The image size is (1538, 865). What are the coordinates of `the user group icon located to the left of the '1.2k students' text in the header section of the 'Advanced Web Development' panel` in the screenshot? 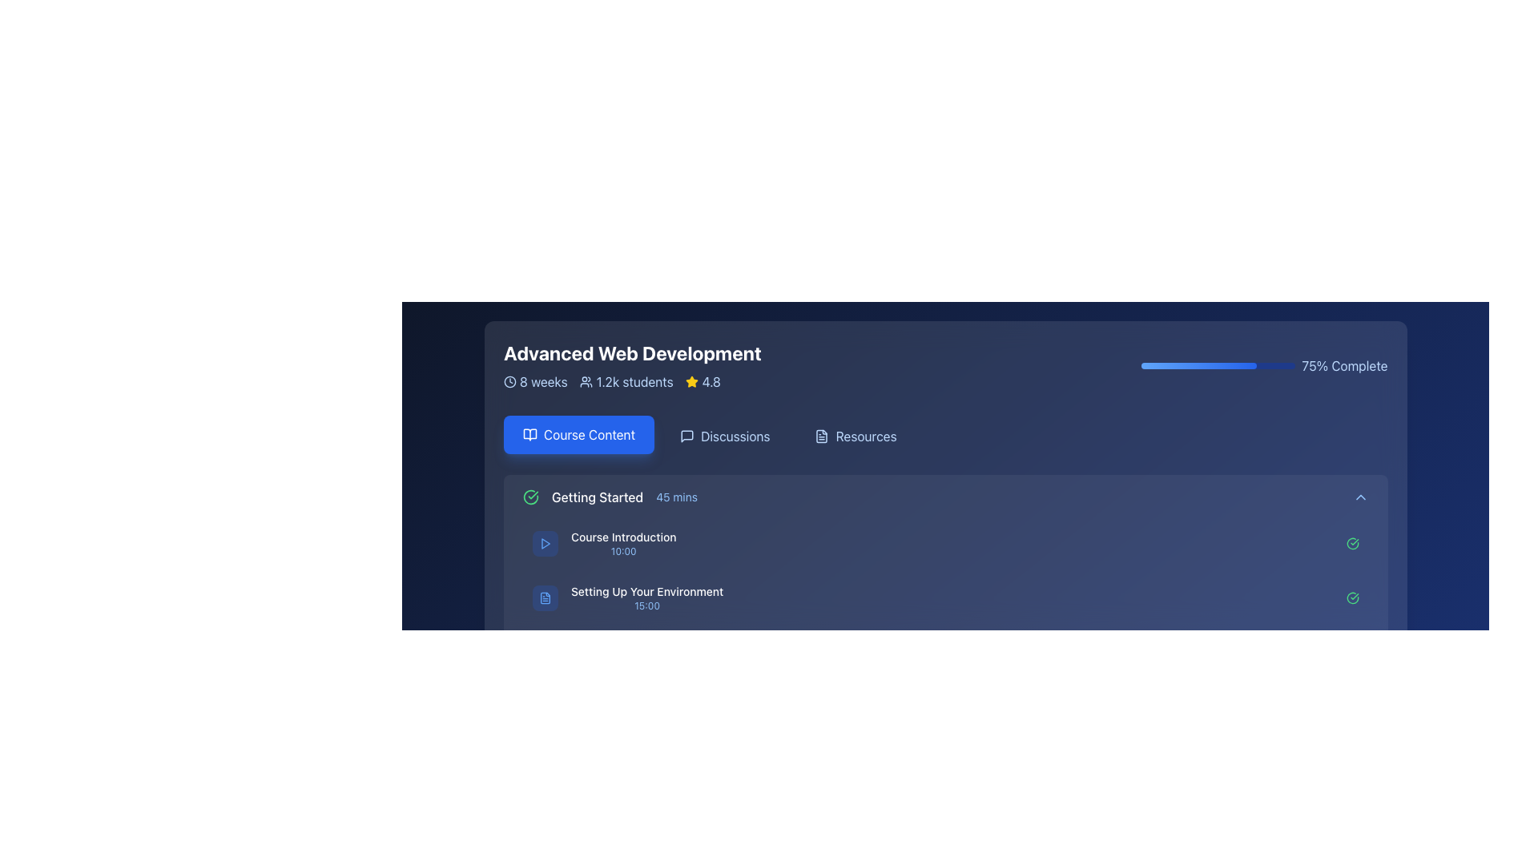 It's located at (586, 382).